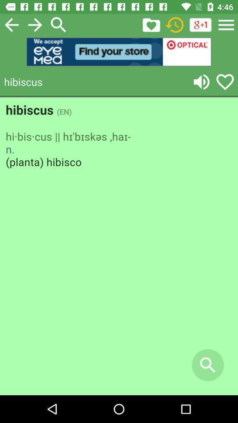 The image size is (238, 423). I want to click on like symbol, so click(225, 82).